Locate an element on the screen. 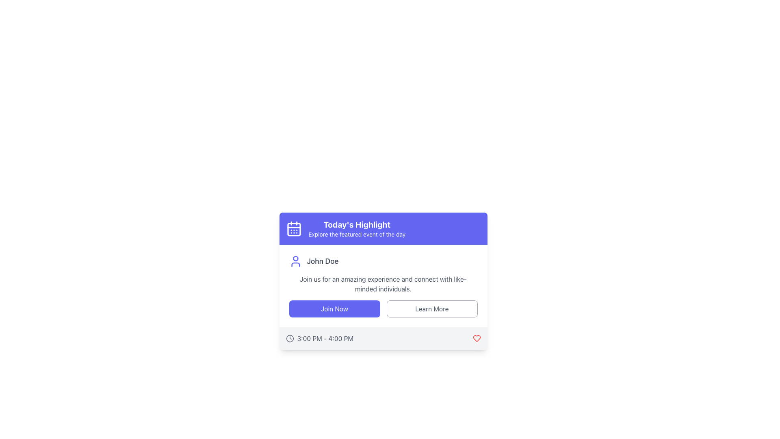  the heart-shaped outline icon located at the bottom-right corner of the card to like or favorite it is located at coordinates (477, 339).